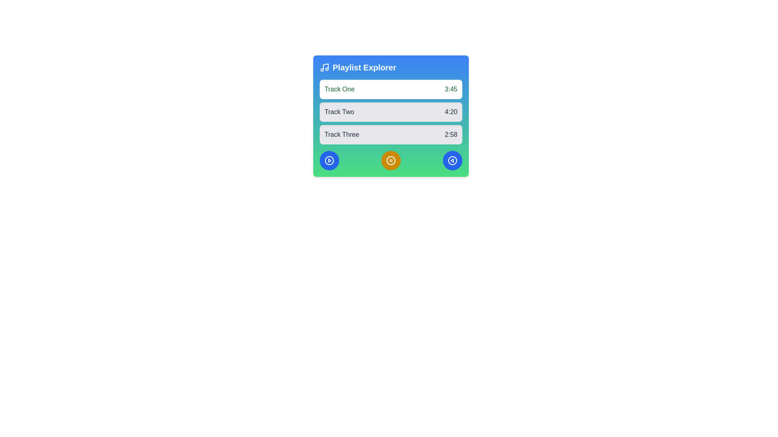 The image size is (778, 437). Describe the element at coordinates (391, 89) in the screenshot. I see `the first list item representing 'Track One' with duration '3:45' in the 'Playlist Explorer' content block` at that location.